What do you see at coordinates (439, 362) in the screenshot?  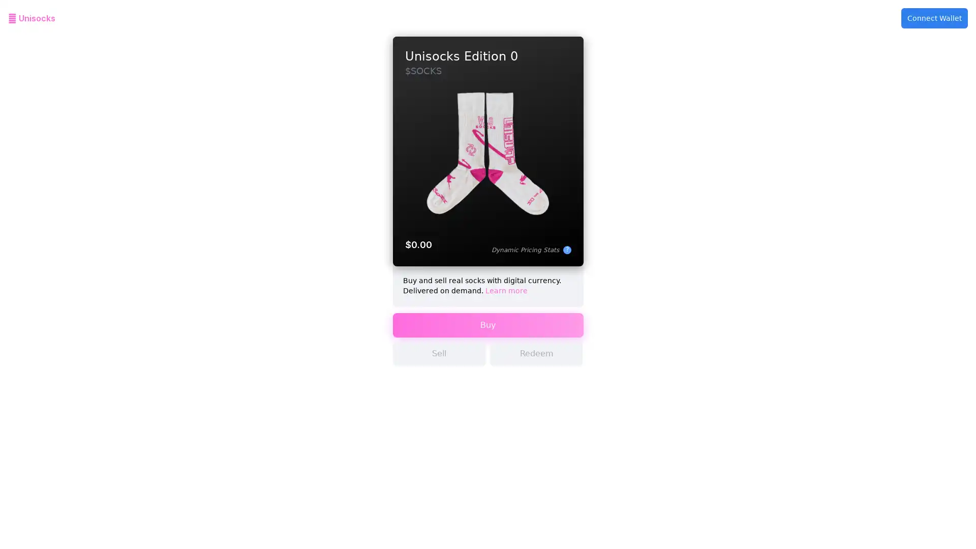 I see `Sell` at bounding box center [439, 362].